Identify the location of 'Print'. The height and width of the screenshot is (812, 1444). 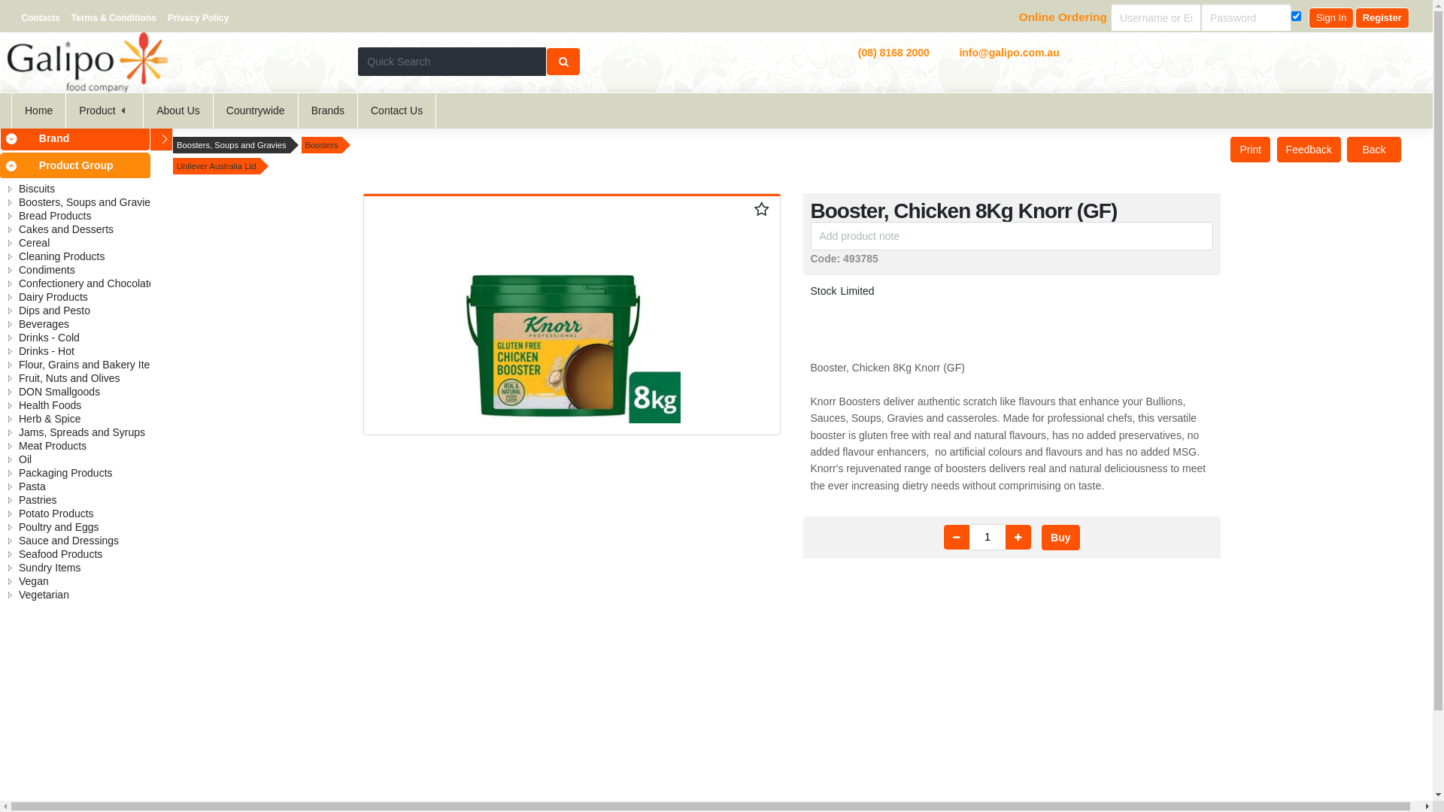
(1250, 150).